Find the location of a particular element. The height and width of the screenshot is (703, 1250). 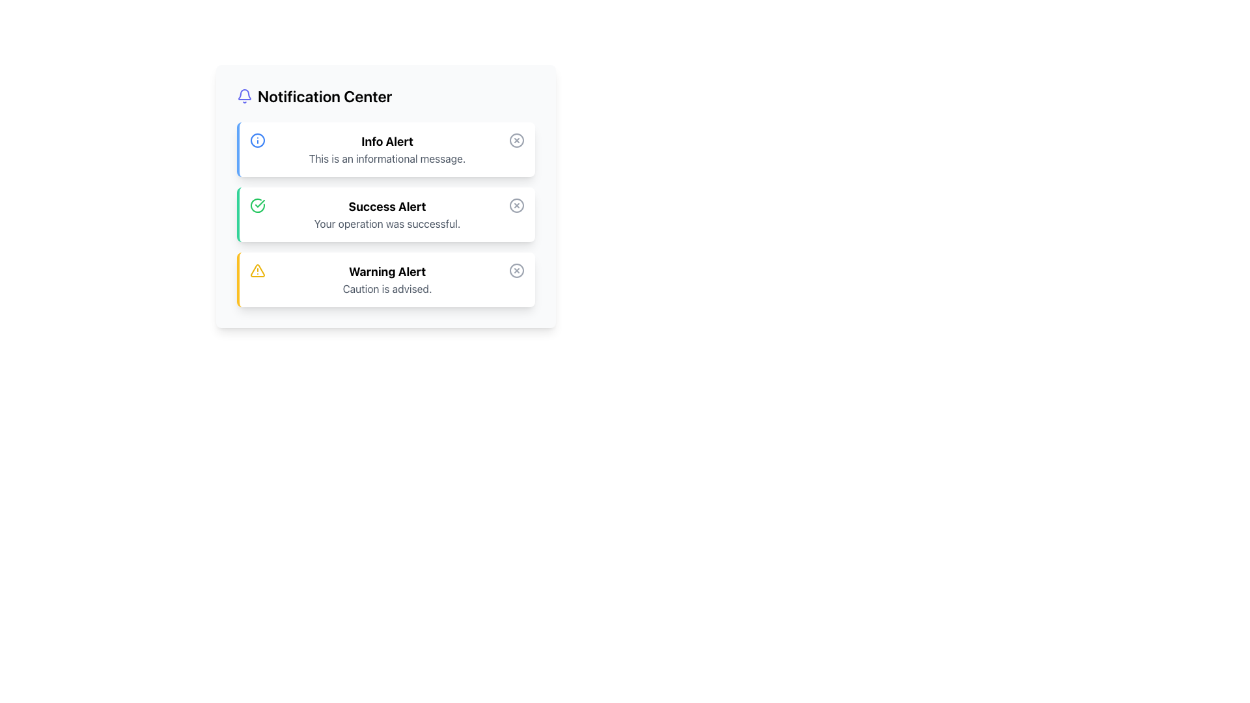

text from the first Text label in the Notification Center alert box that indicates the title or main subject of the informational alert message is located at coordinates (387, 142).